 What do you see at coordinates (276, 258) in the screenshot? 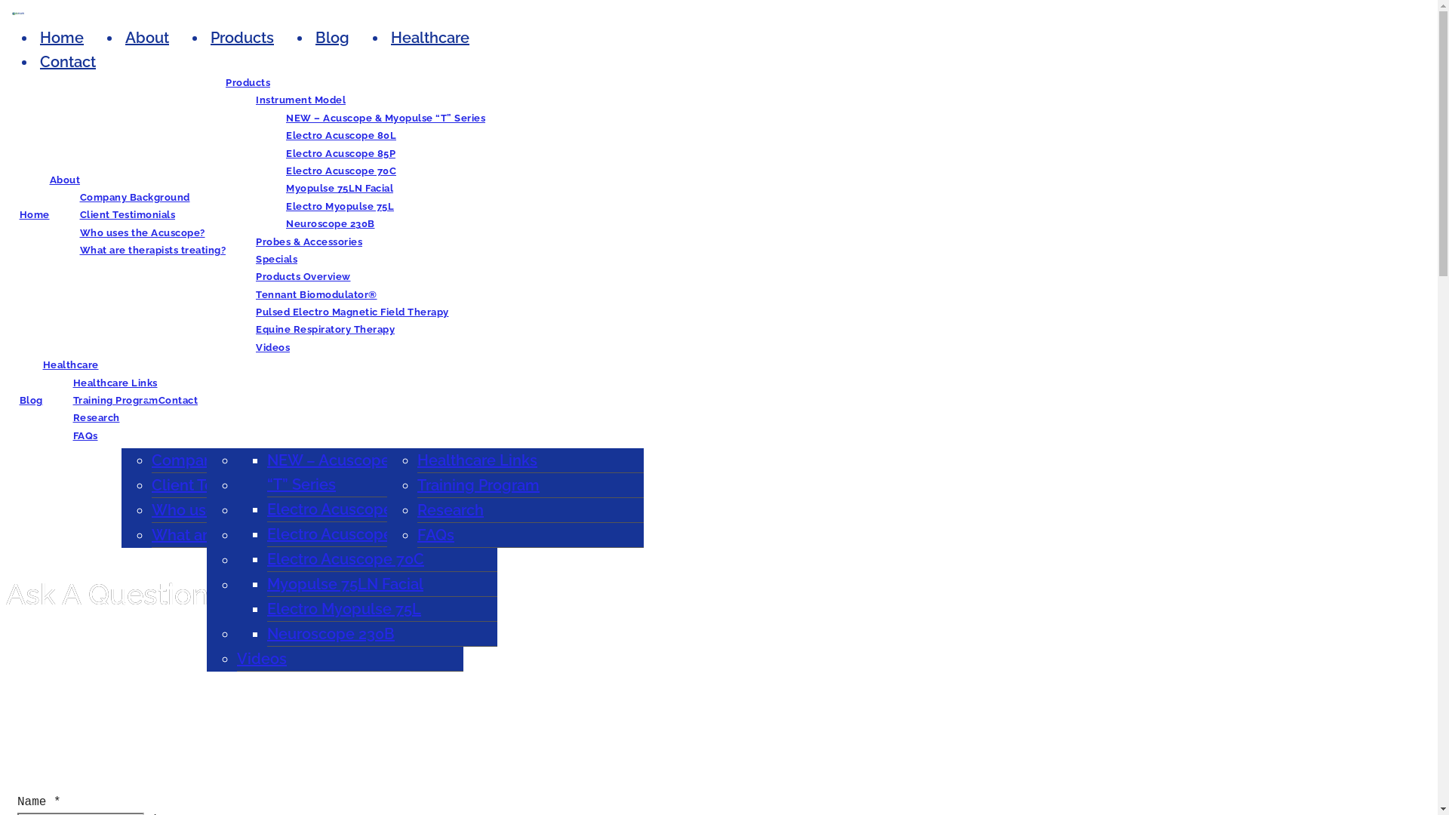
I see `'Specials'` at bounding box center [276, 258].